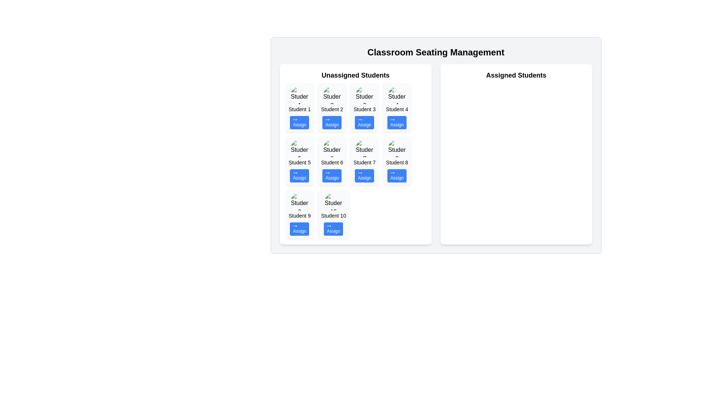 This screenshot has width=709, height=399. What do you see at coordinates (397, 175) in the screenshot?
I see `the 'Assign' button located in the bottom right corner of the 'Unassigned Students' column for 'Student 8' to assign the student` at bounding box center [397, 175].